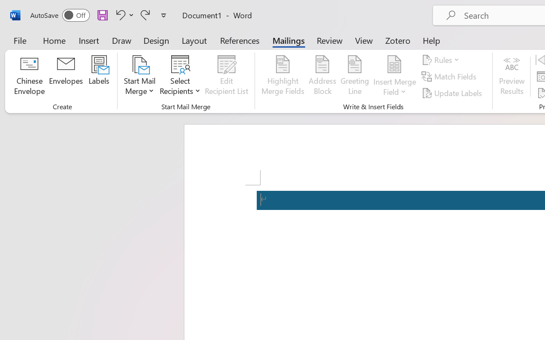  I want to click on 'Undo Apply Quick Style Set', so click(123, 14).